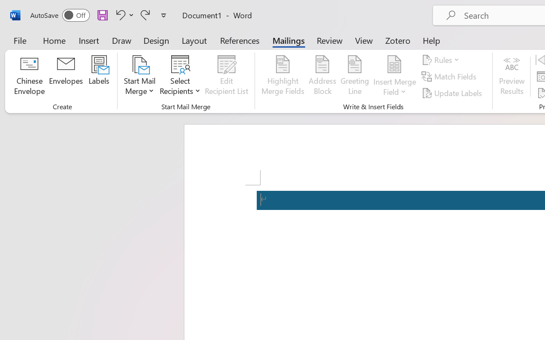  I want to click on 'Undo Apply Quick Style Set', so click(123, 14).